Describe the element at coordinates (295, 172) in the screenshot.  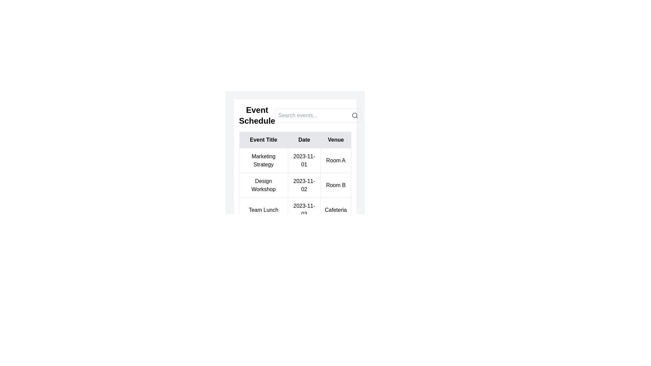
I see `schedule table element that displays event details such as title, date, and venue, located centrally above the 'Add Event' button and below the 'Search events...' input box` at that location.